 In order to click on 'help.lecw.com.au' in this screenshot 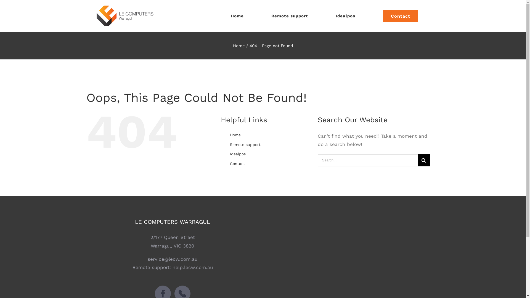, I will do `click(192, 267)`.